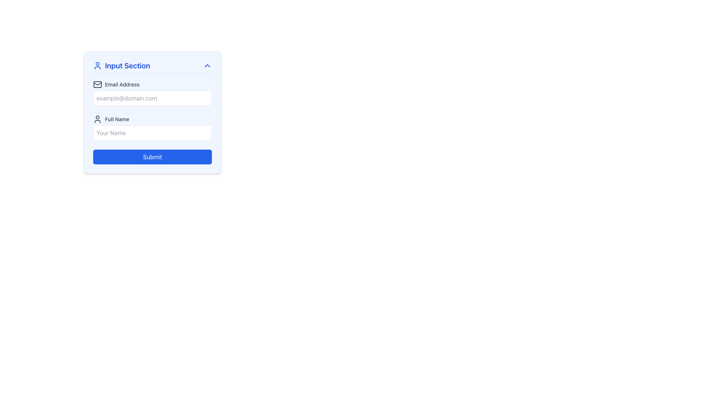 The width and height of the screenshot is (710, 399). I want to click on the toggle icon located in the upper right corner of the 'Input Section' header, so click(207, 65).